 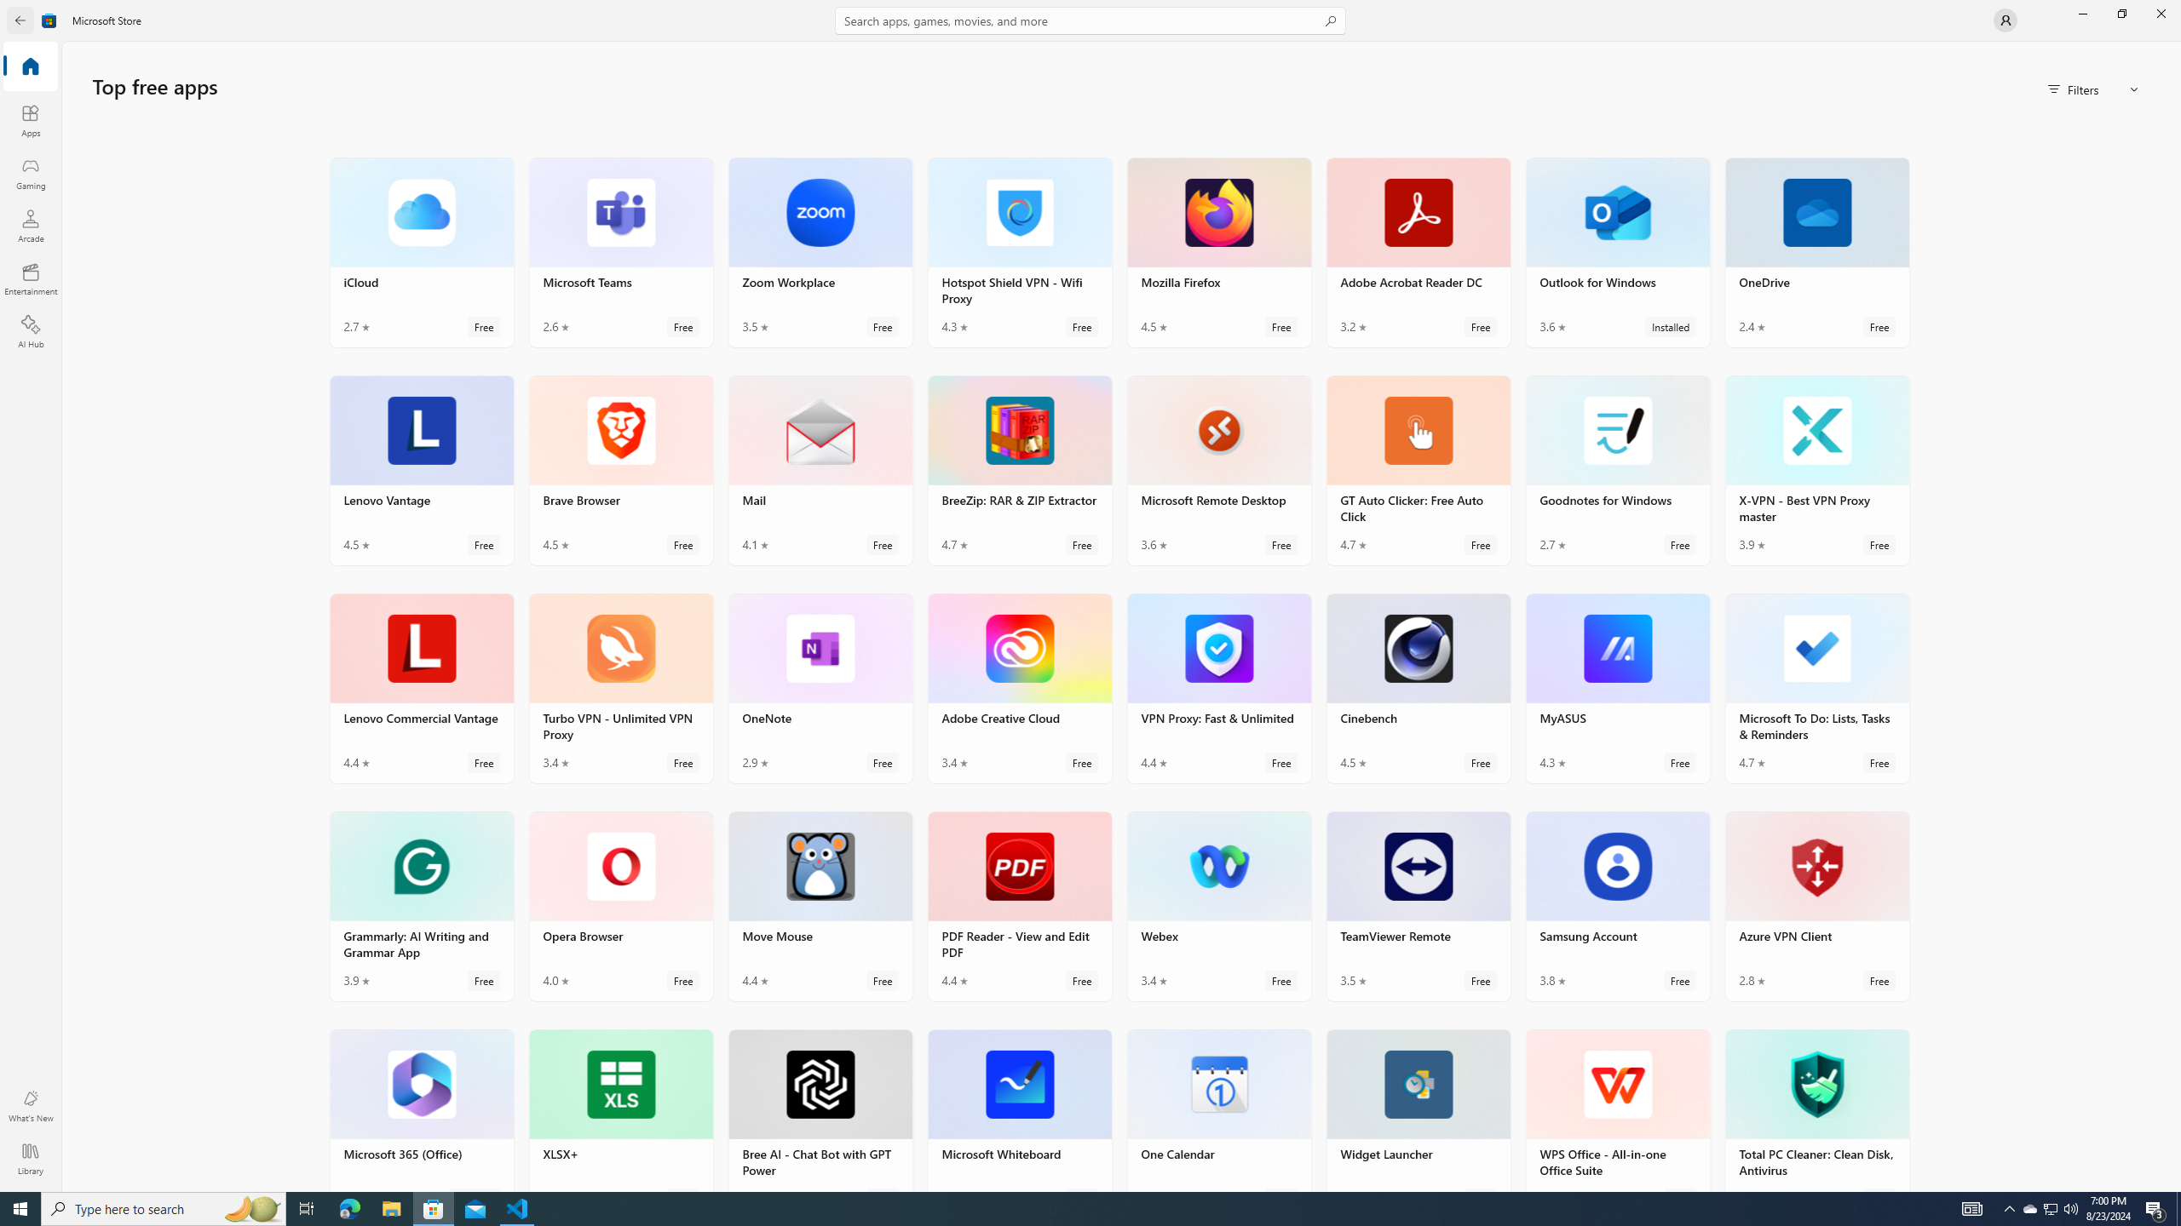 I want to click on 'OneDrive. Average rating of 2.4 out of five stars. Free  ', so click(x=1816, y=250).